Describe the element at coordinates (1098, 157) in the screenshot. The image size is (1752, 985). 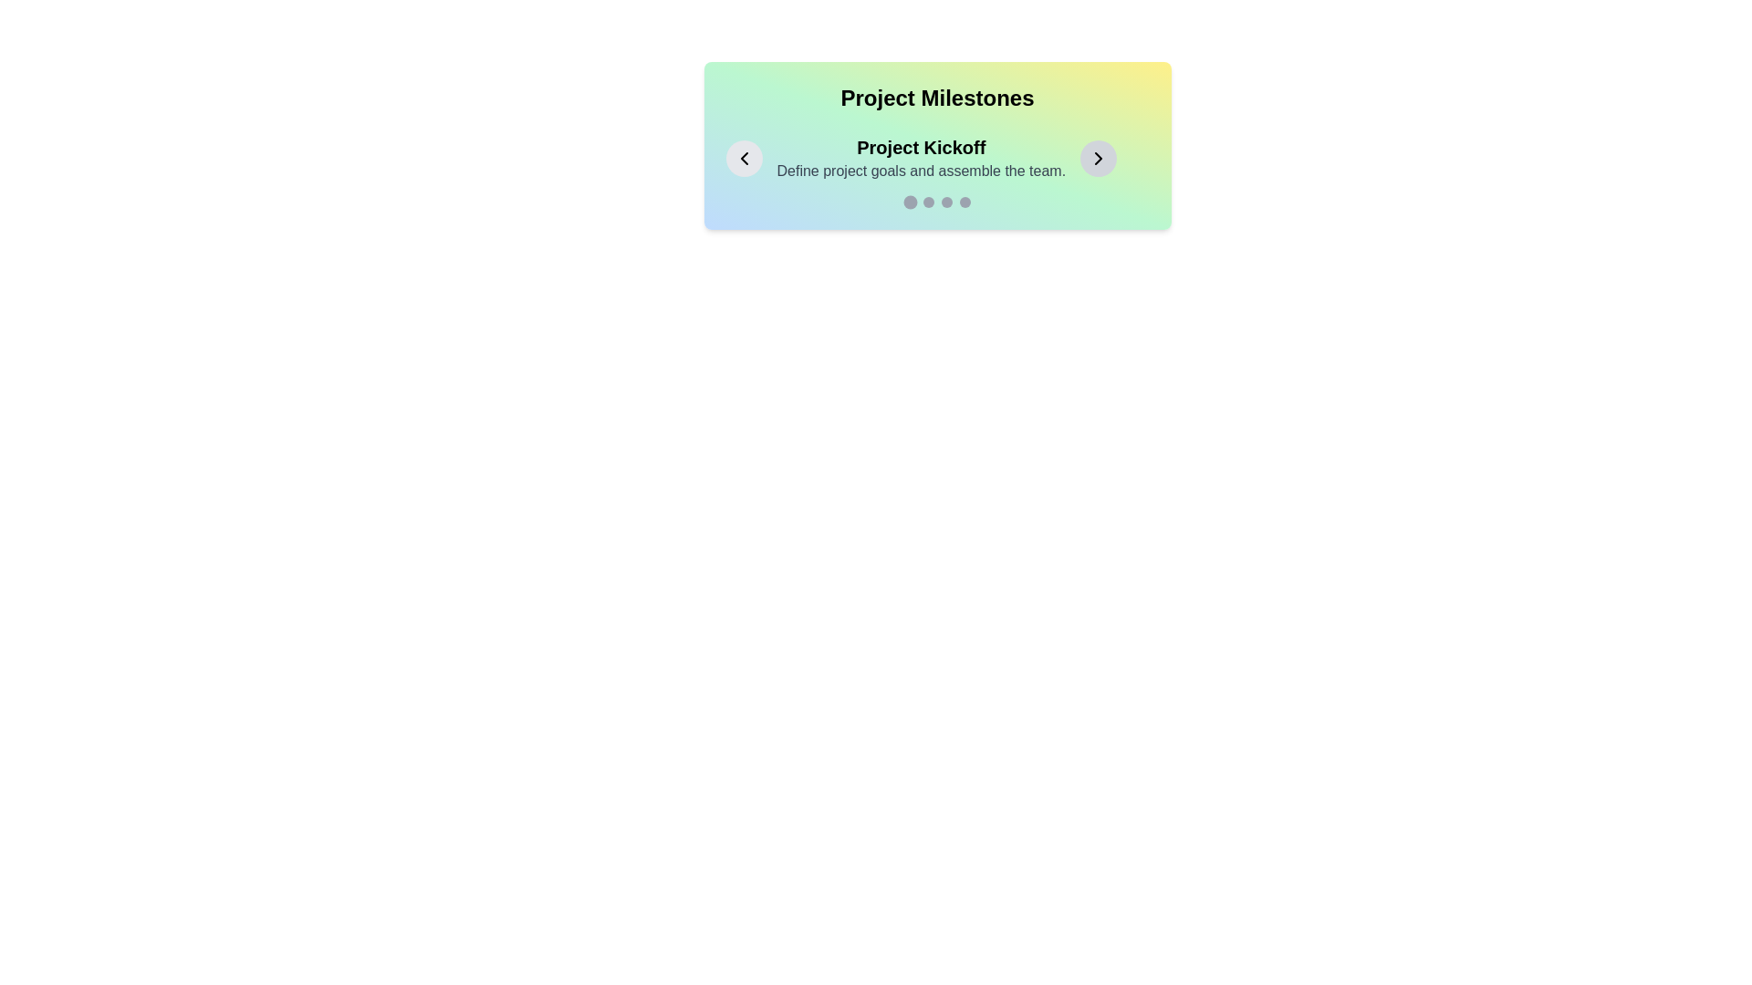
I see `the circular button with a gray background and a right-pointing chevron` at that location.